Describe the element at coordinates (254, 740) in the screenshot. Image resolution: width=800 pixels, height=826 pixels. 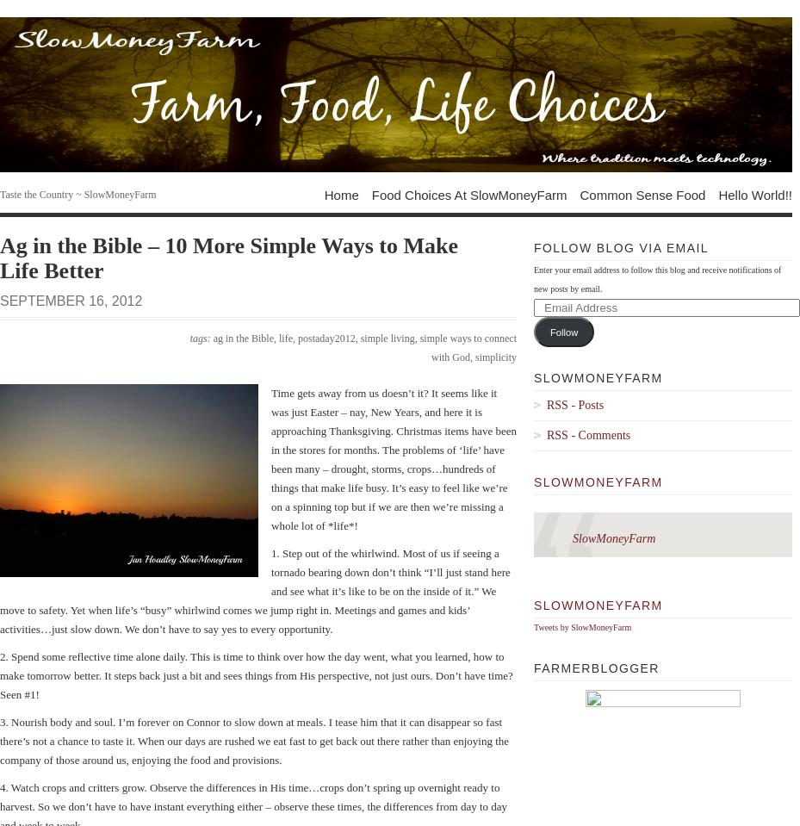
I see `'3. Nourish body and soul. I’m forever on Connor to slow down at meals. I tease him that it can disappear so fast there’s not a chance to taste it. When our days are rushed we eat fast to get back out there rather than enjoying the company of those around us, enjoying the food and provisions.'` at that location.